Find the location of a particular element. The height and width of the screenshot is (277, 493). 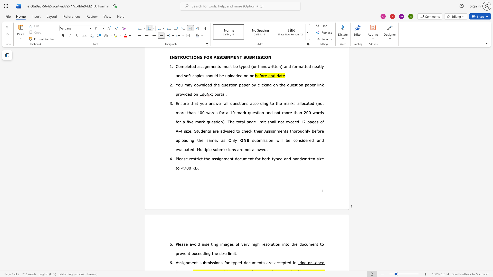

the 1th character "i" in the text is located at coordinates (205, 253).